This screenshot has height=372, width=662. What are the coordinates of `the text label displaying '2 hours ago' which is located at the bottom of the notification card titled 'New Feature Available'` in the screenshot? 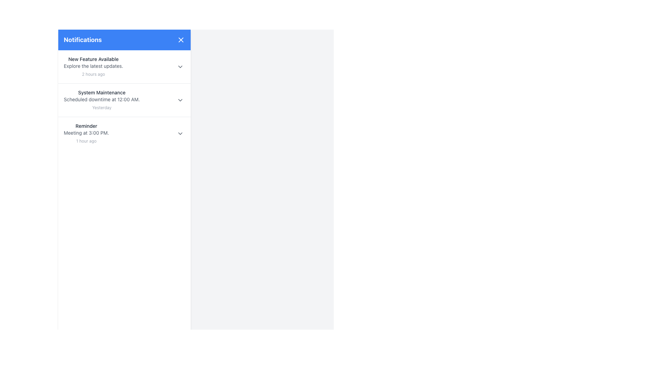 It's located at (93, 74).